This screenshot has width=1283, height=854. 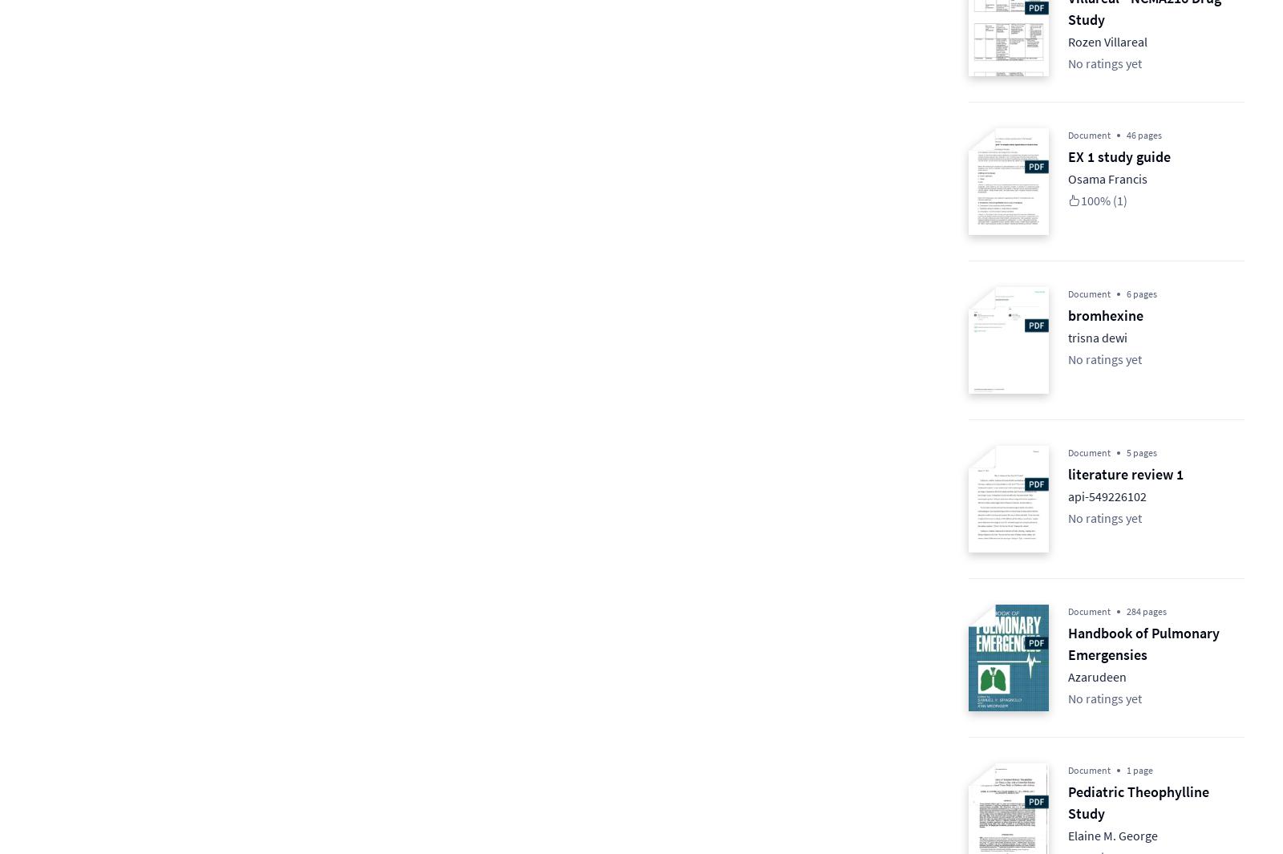 What do you see at coordinates (1126, 293) in the screenshot?
I see `'6 pages'` at bounding box center [1126, 293].